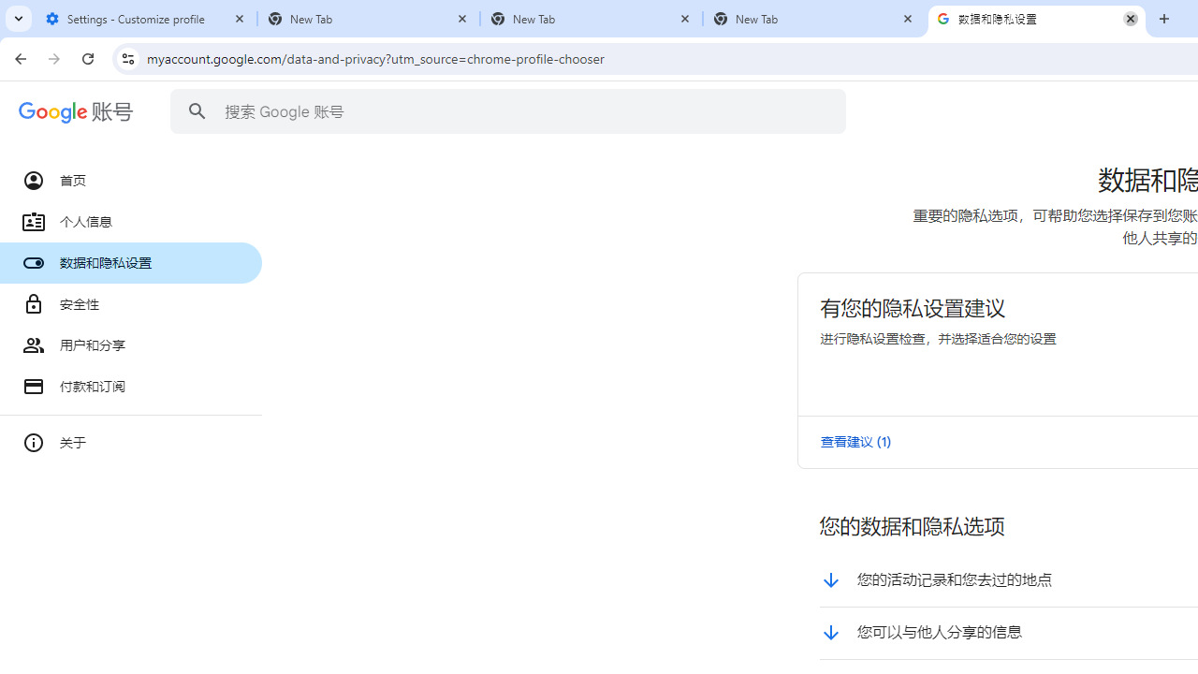 Image resolution: width=1198 pixels, height=674 pixels. Describe the element at coordinates (814, 19) in the screenshot. I see `'New Tab'` at that location.